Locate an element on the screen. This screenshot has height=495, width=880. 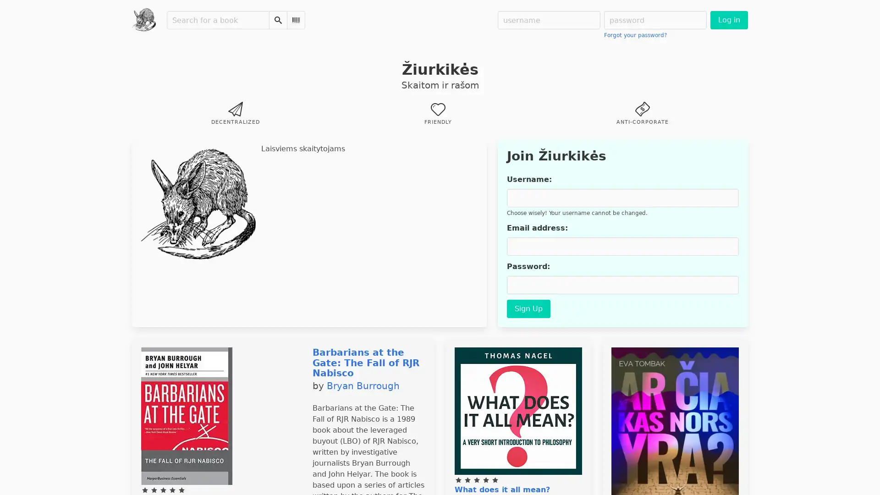
Search is located at coordinates (277, 20).